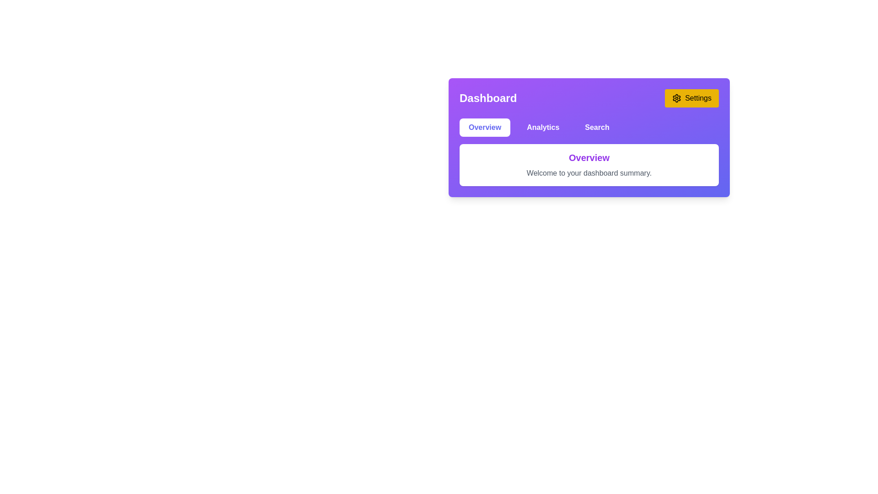  What do you see at coordinates (589, 173) in the screenshot?
I see `the text label that says 'Welcome to your dashboard summary.' located below the 'Overview' title in the purple dashboard interface` at bounding box center [589, 173].